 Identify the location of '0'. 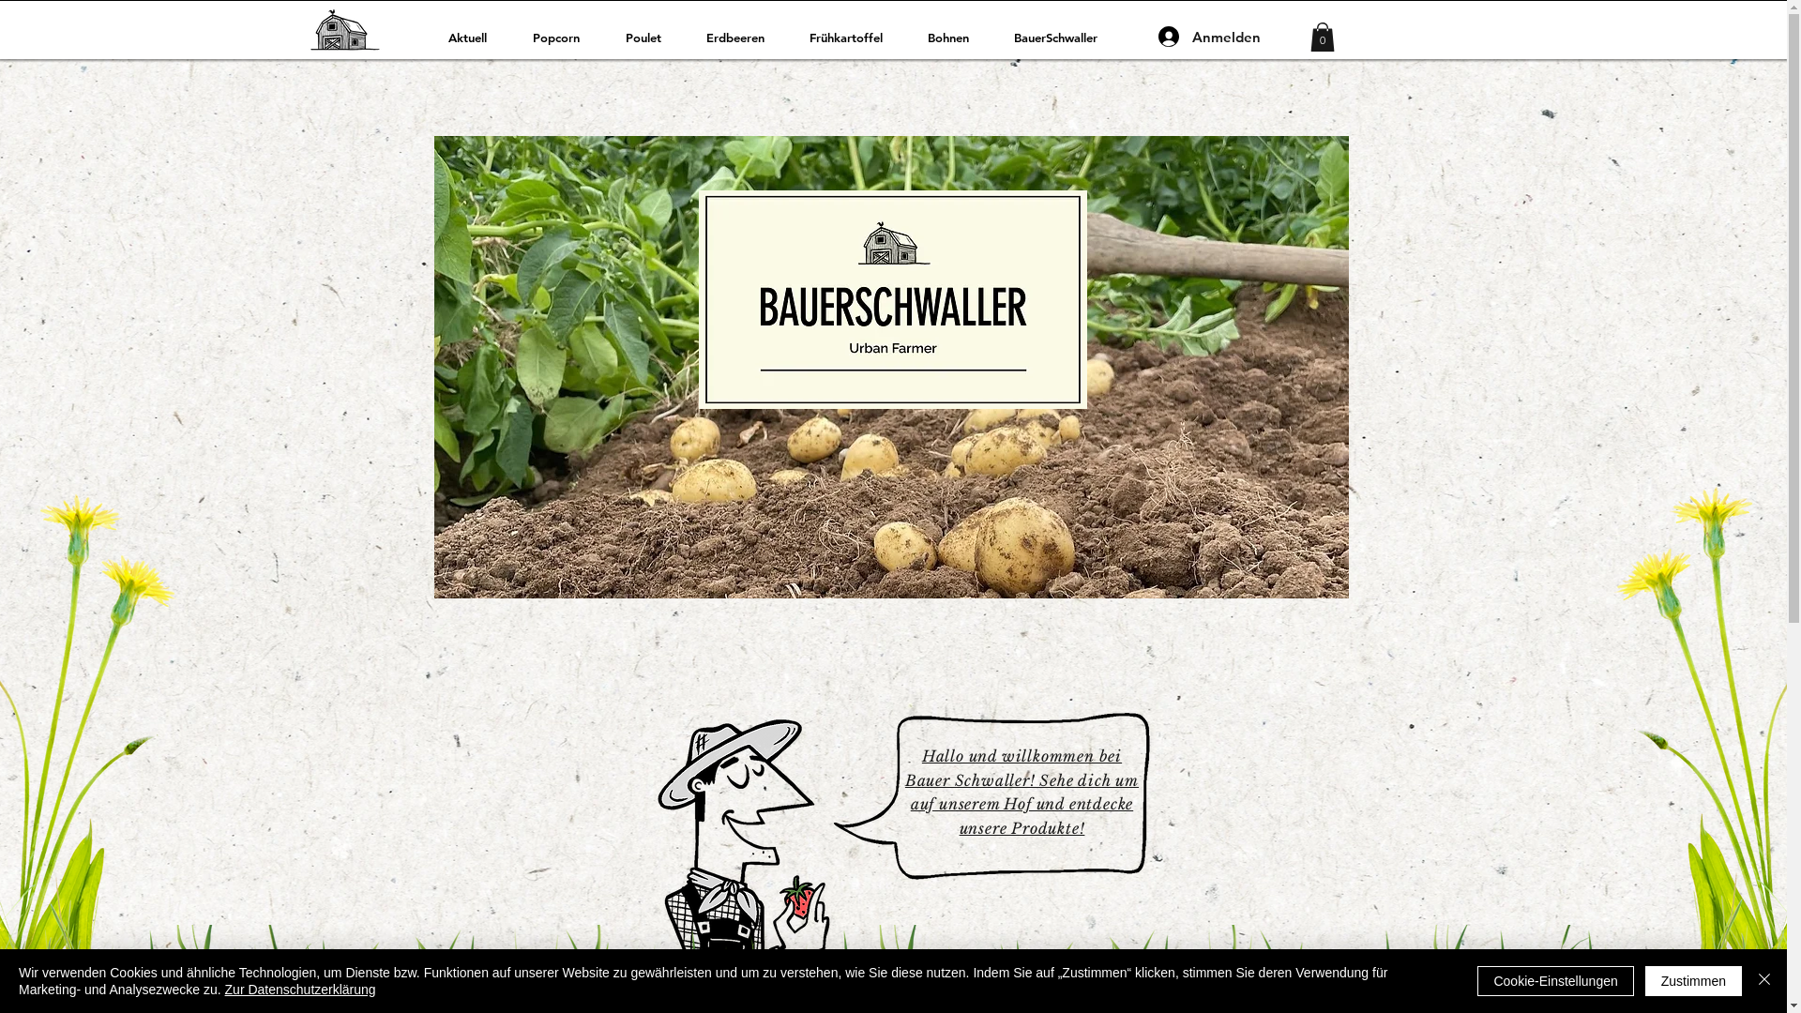
(1309, 37).